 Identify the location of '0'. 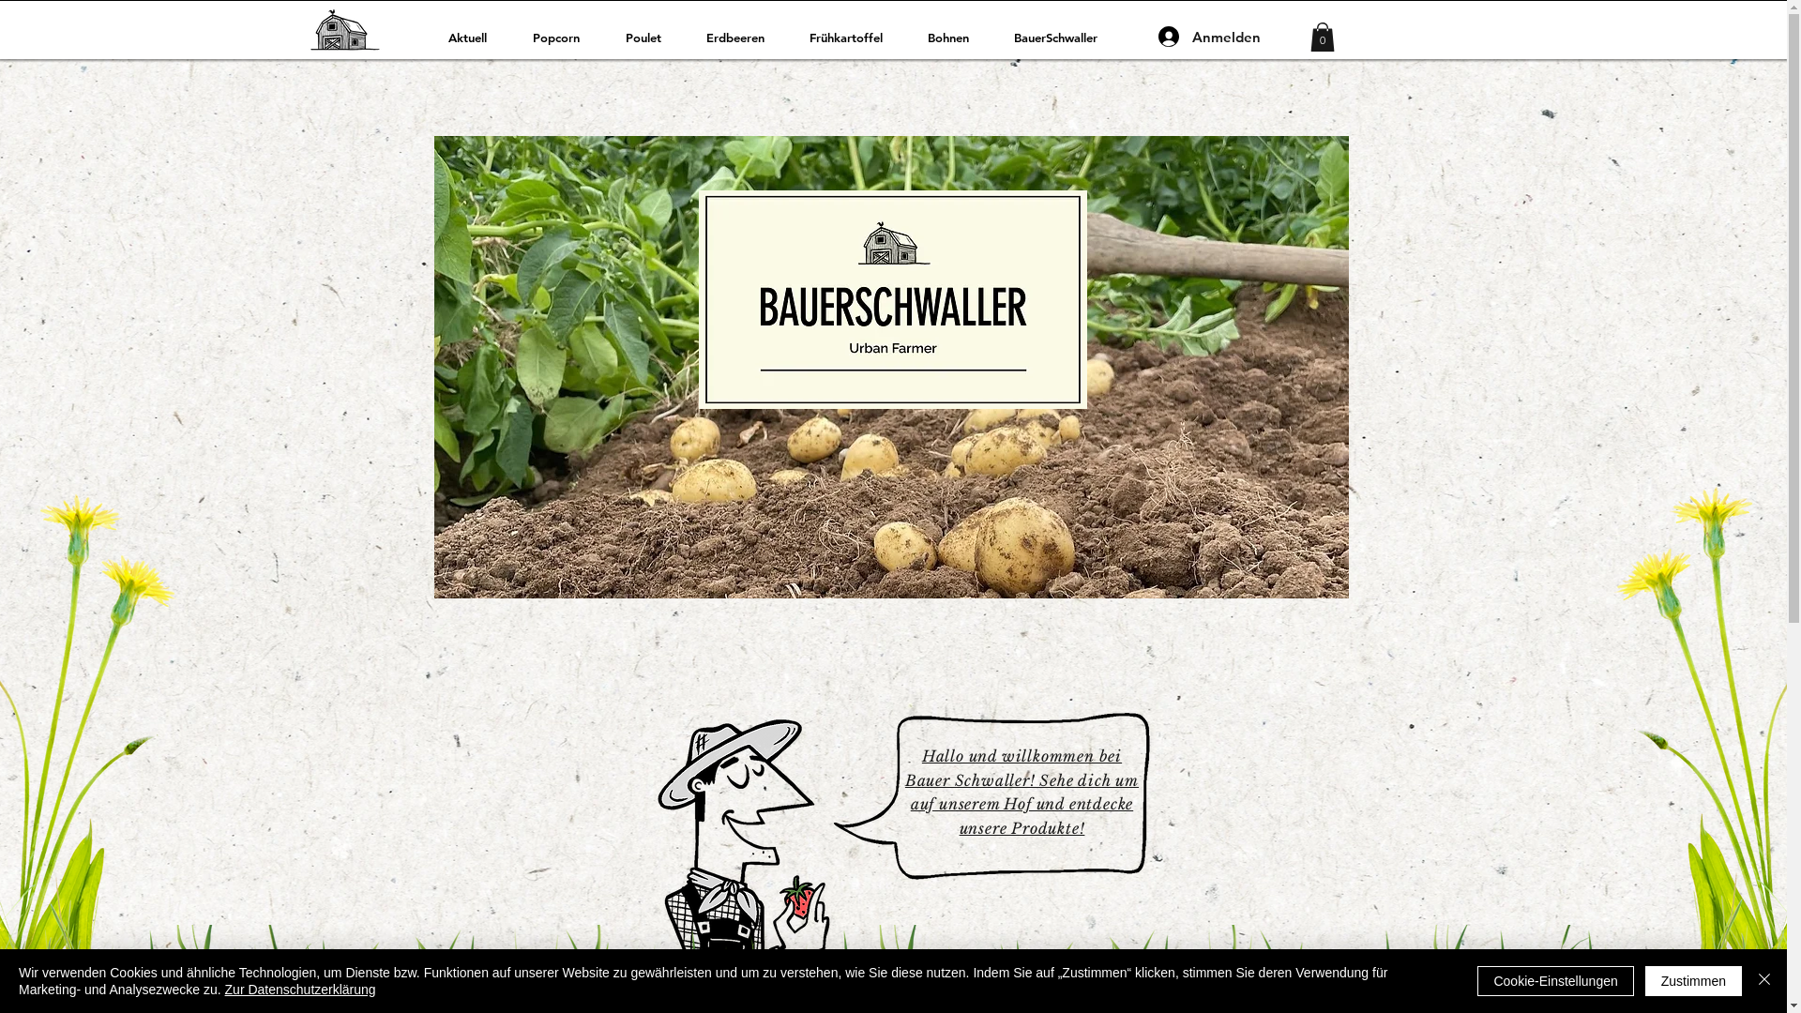
(1309, 37).